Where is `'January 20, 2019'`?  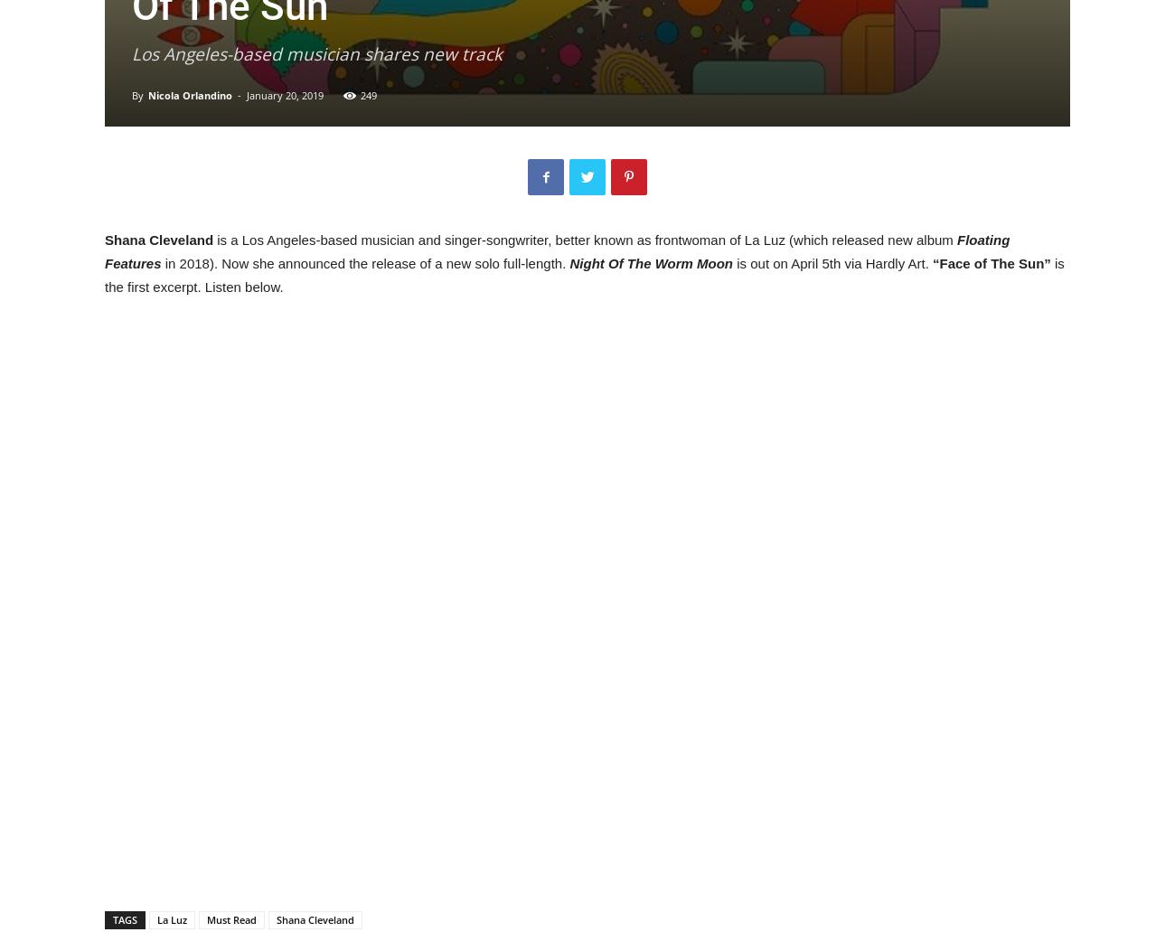 'January 20, 2019' is located at coordinates (247, 95).